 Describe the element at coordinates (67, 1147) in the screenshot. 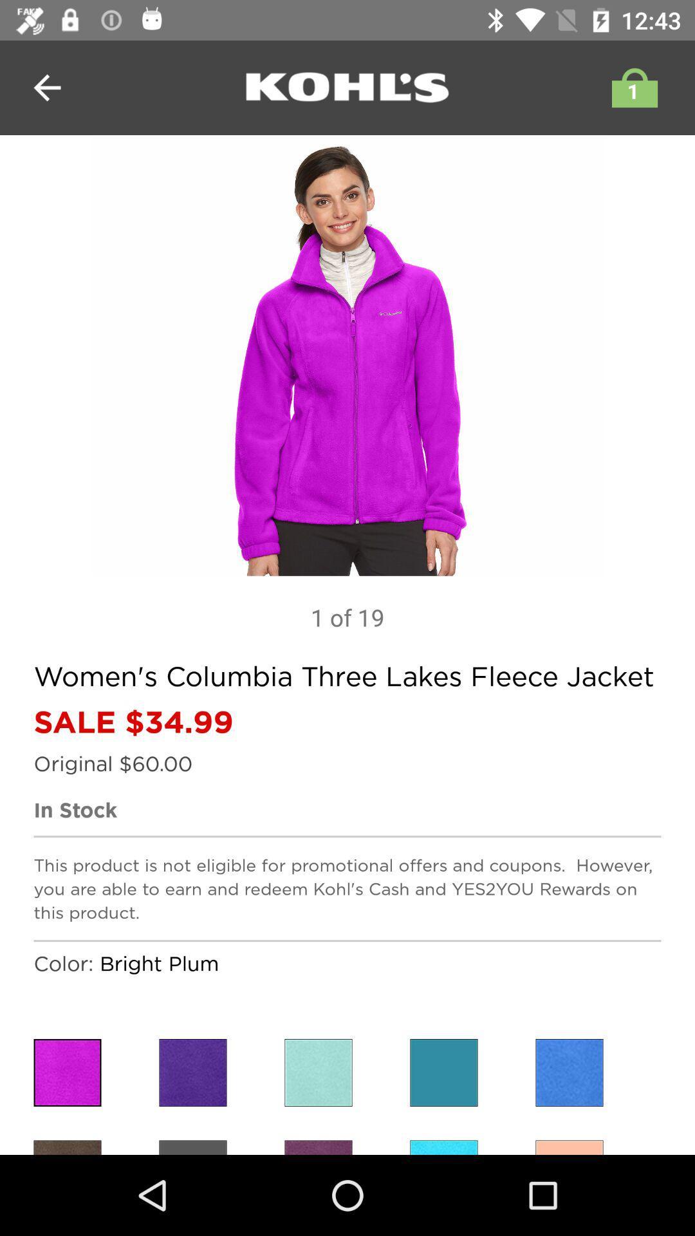

I see `plum color` at that location.